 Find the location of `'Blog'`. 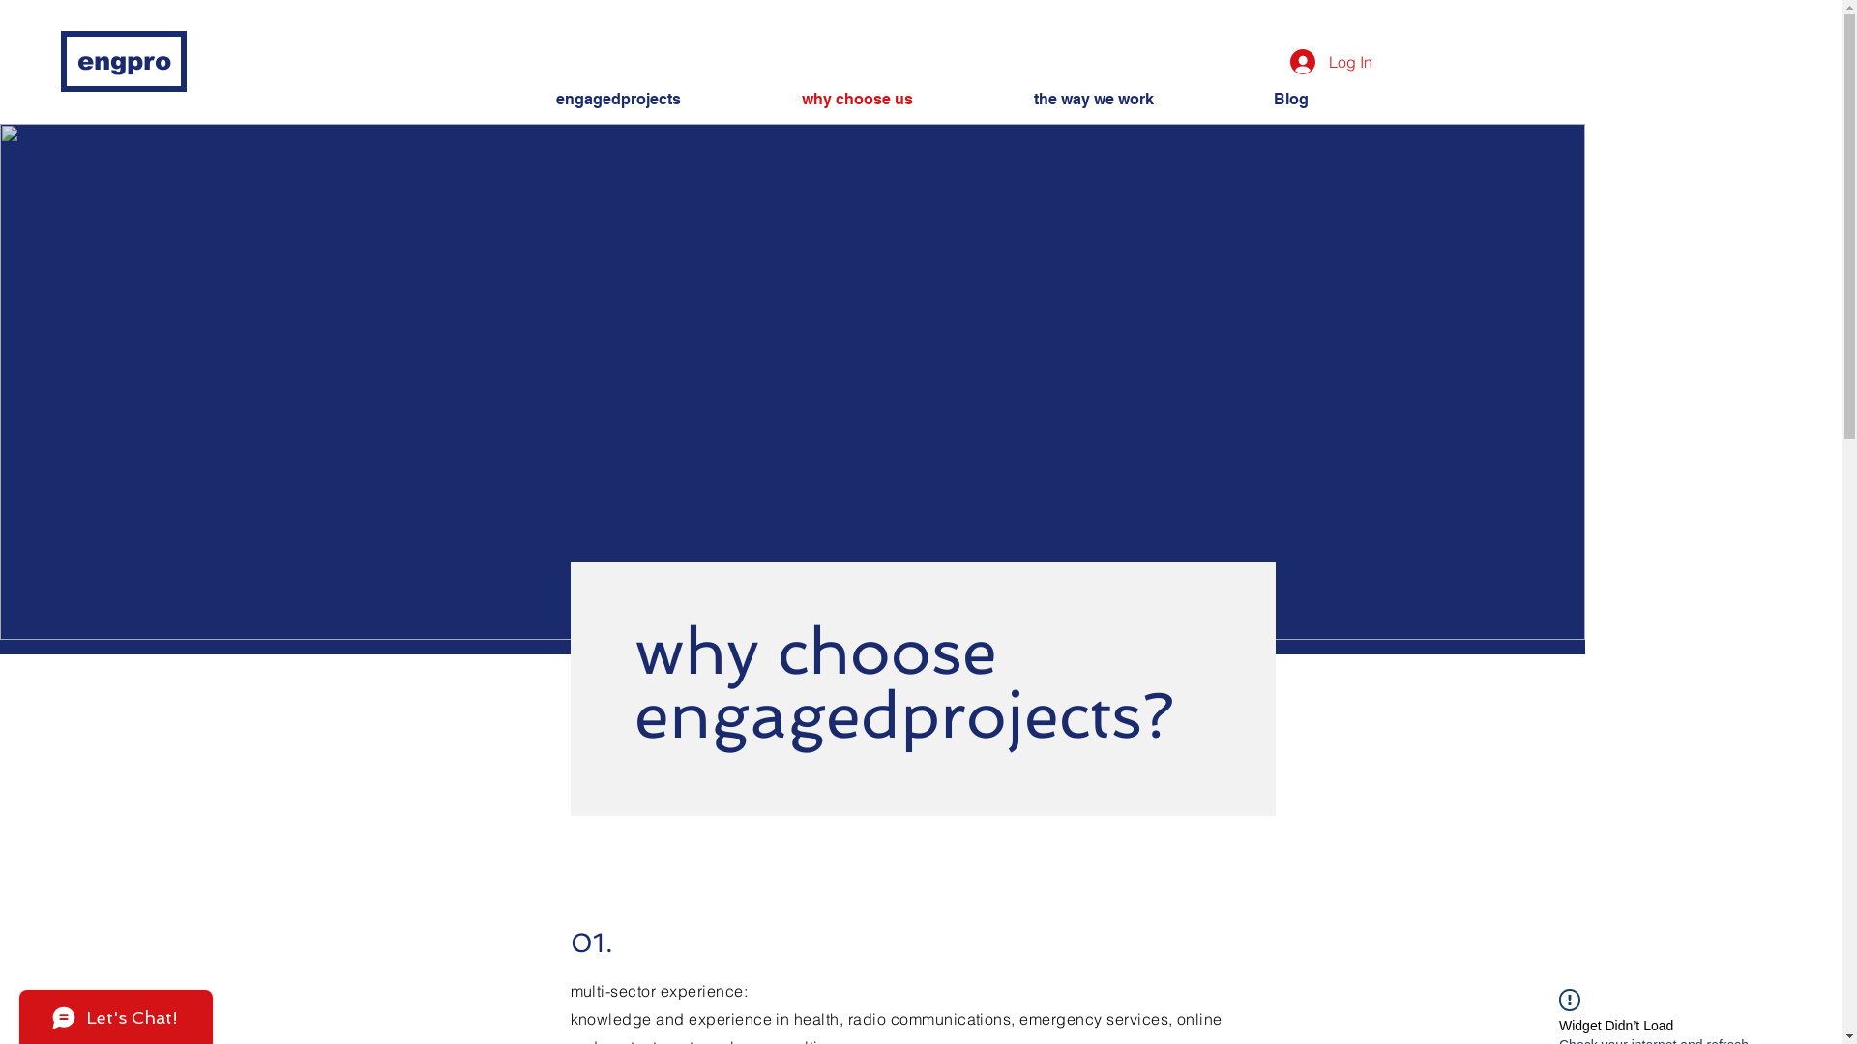

'Blog' is located at coordinates (1336, 100).